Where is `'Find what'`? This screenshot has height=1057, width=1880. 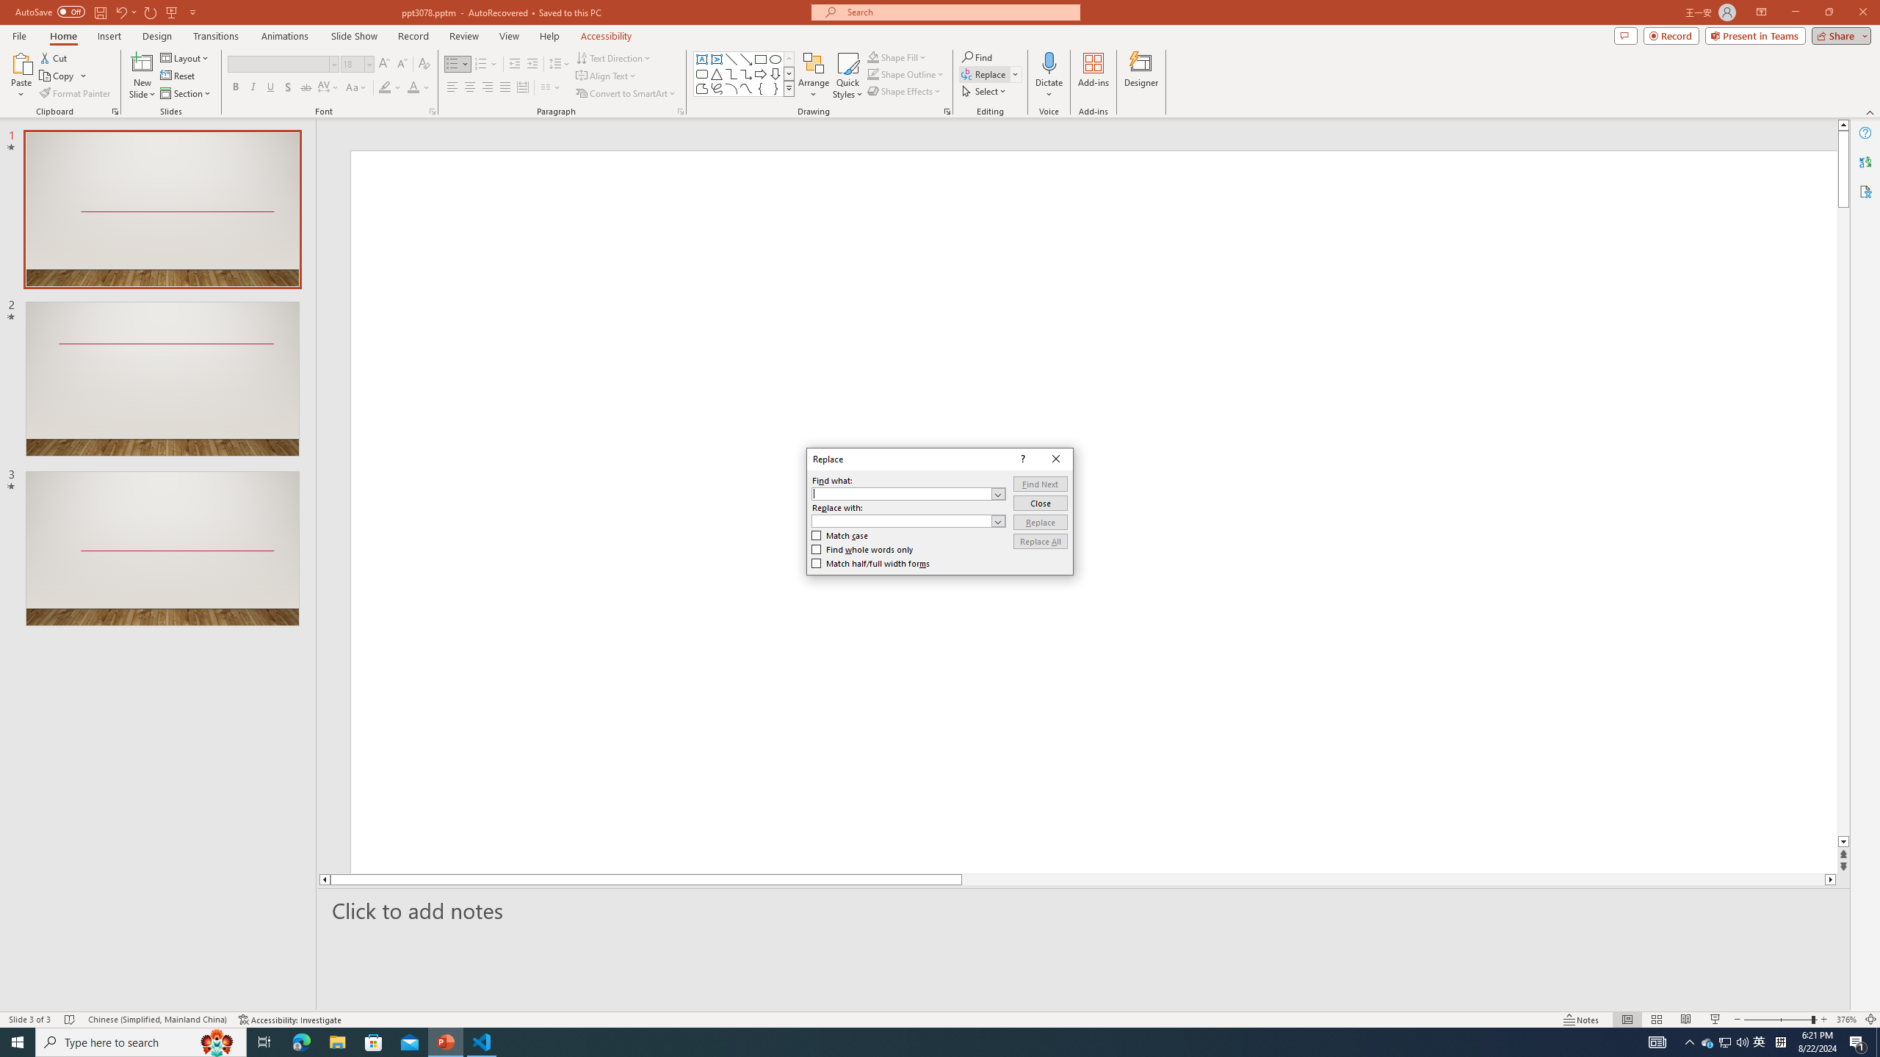
'Find what' is located at coordinates (908, 494).